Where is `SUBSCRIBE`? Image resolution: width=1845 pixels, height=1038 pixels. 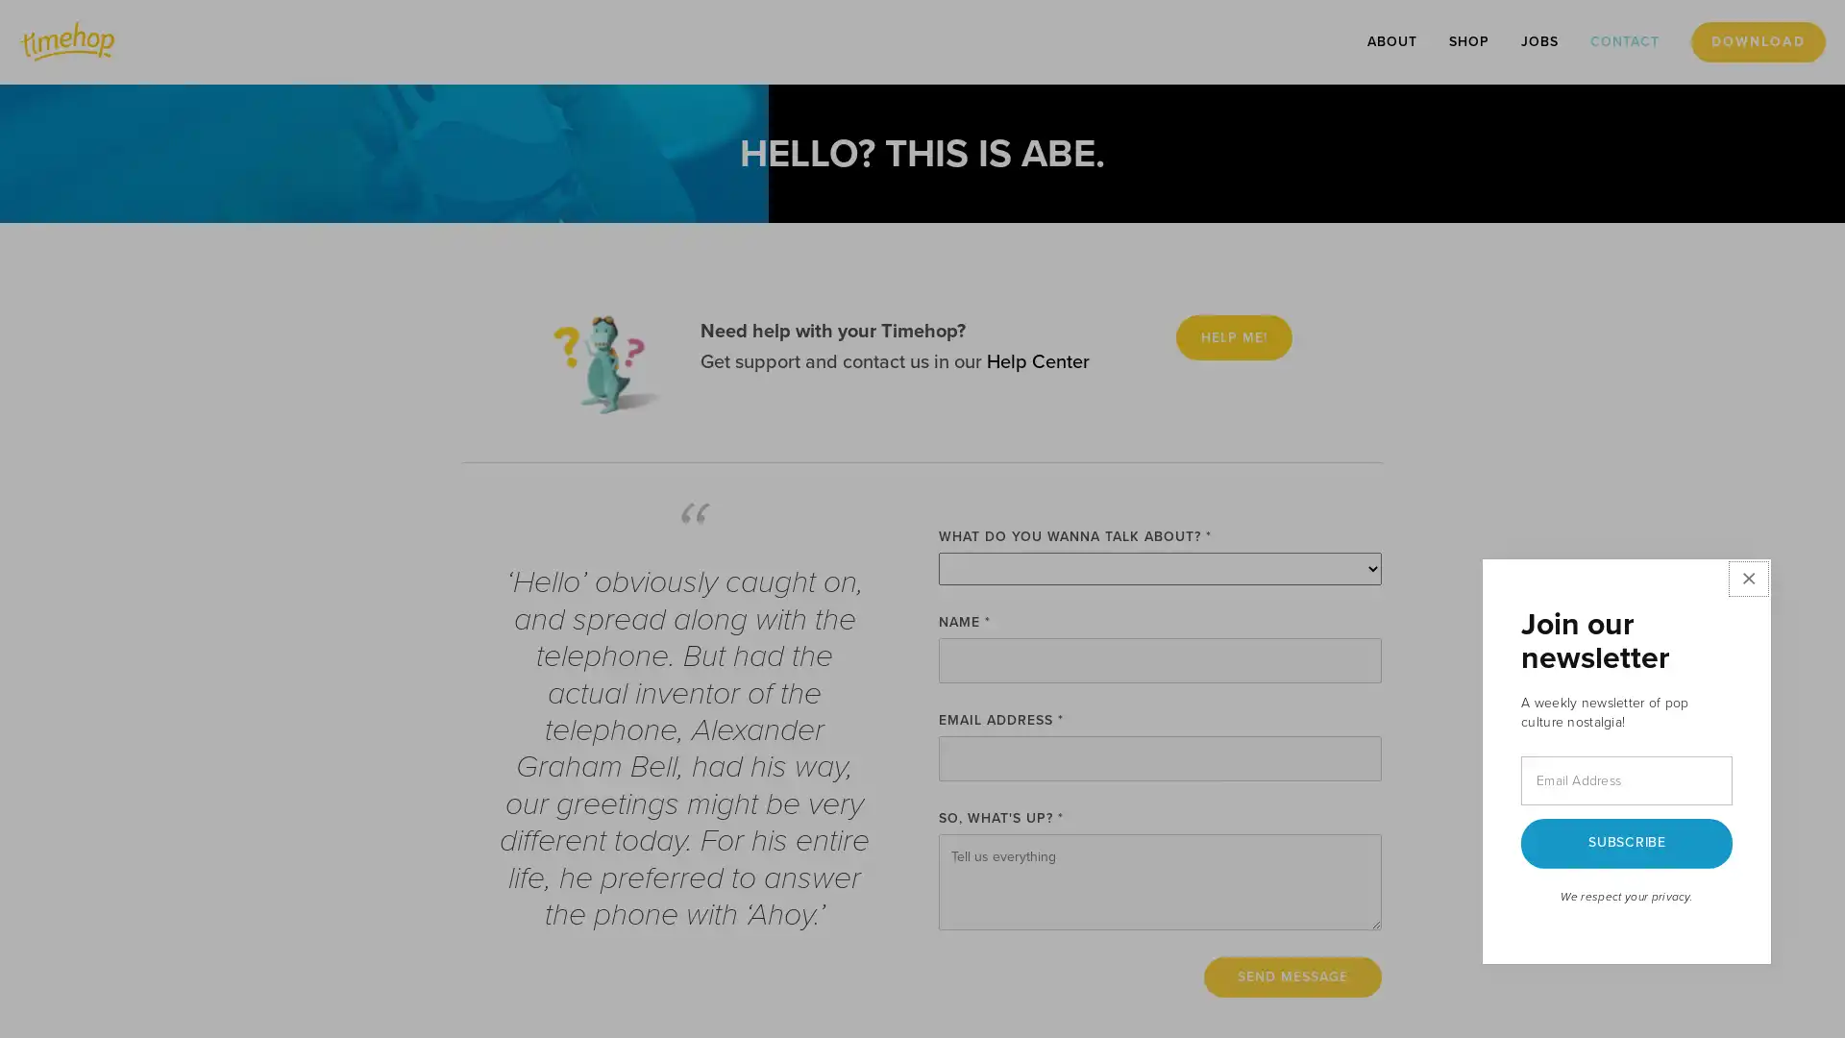 SUBSCRIBE is located at coordinates (1626, 840).